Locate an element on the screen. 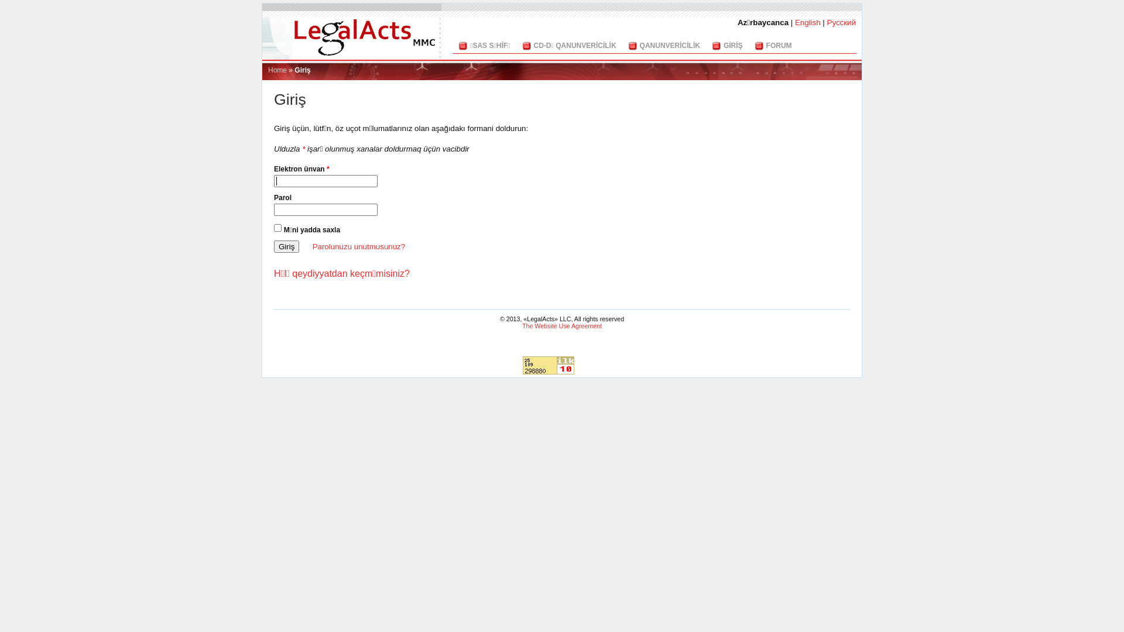 The height and width of the screenshot is (632, 1124). 'FORUM' is located at coordinates (779, 45).